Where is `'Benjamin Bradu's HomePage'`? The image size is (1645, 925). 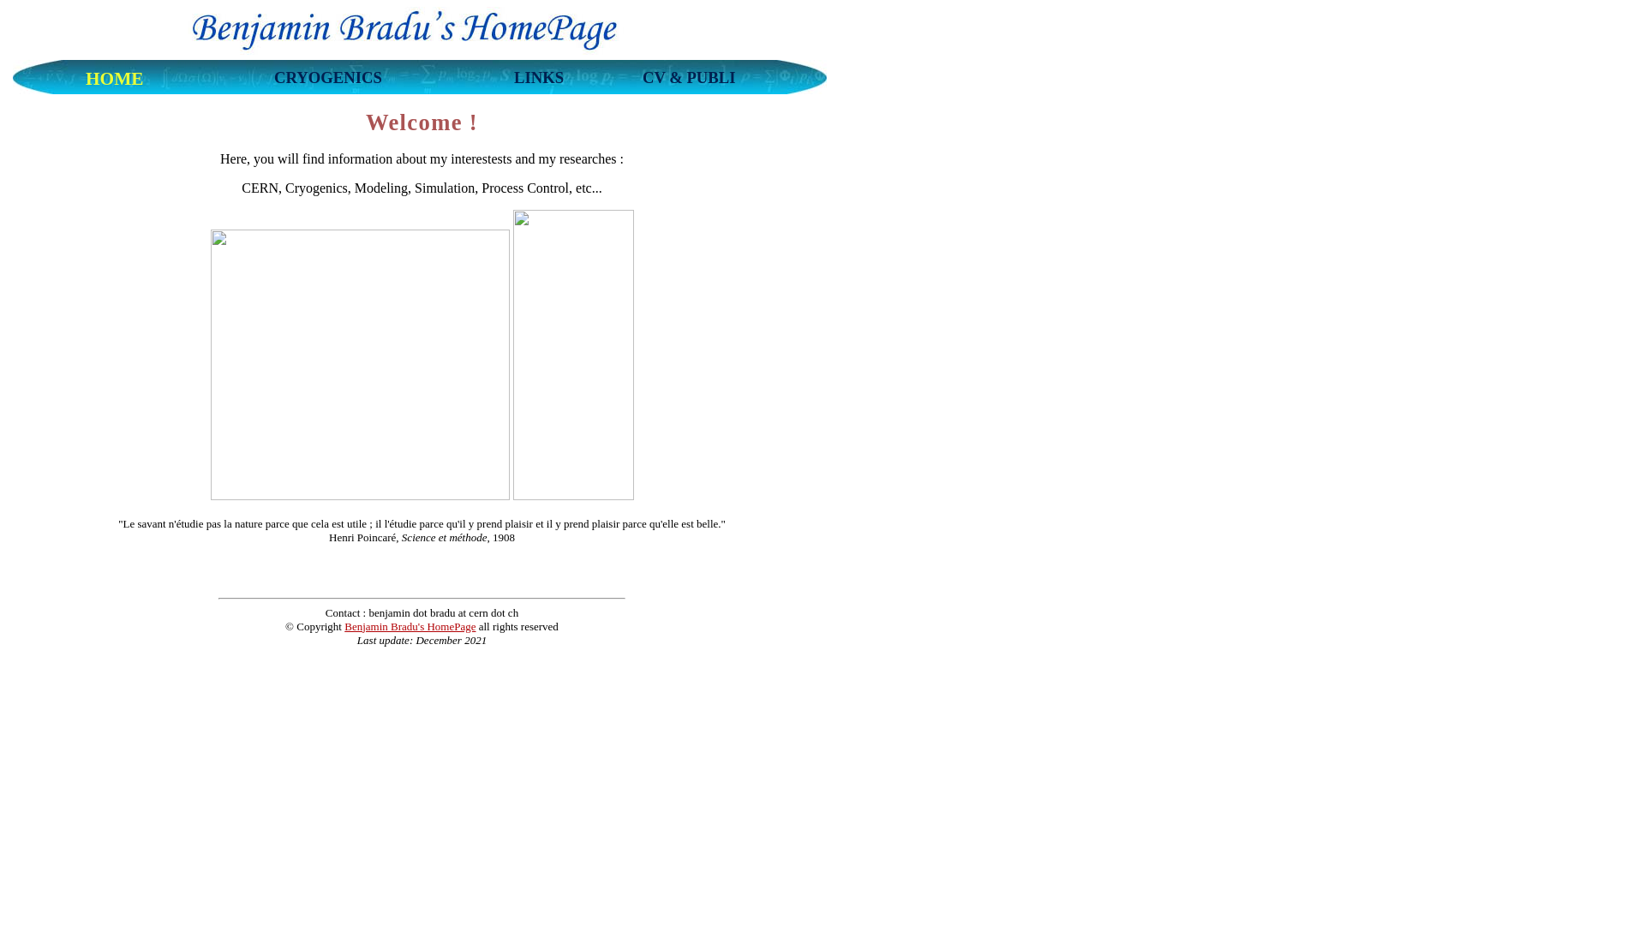 'Benjamin Bradu's HomePage' is located at coordinates (409, 626).